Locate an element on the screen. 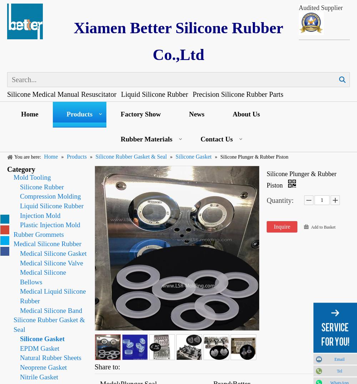 This screenshot has height=384, width=357. 'Medical Silicone Valve' is located at coordinates (51, 263).